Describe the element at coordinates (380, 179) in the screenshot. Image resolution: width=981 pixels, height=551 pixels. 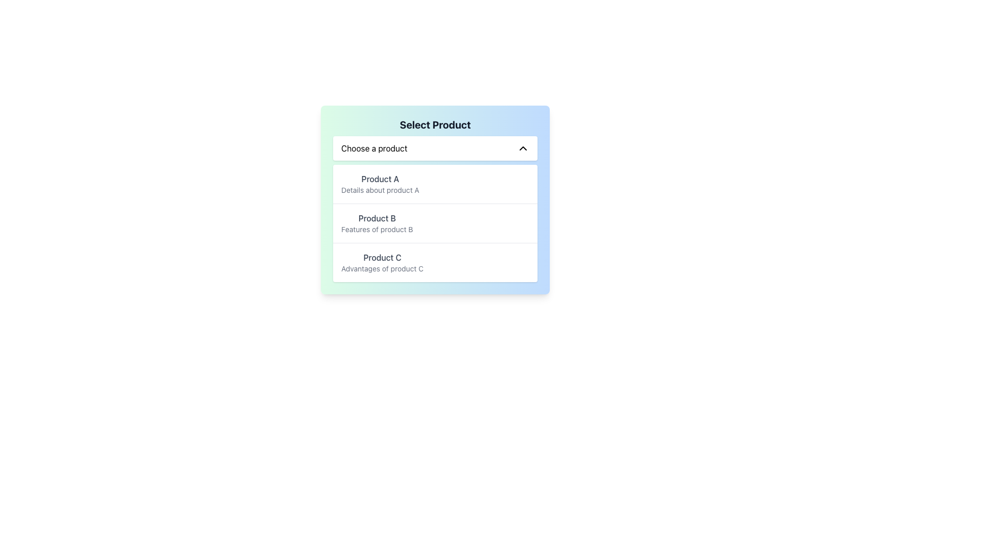
I see `the text label 'Product A' located in the dropdown menu under 'Choose a product', which is styled in bold medium gray and positioned above the description 'Details about product A'` at that location.